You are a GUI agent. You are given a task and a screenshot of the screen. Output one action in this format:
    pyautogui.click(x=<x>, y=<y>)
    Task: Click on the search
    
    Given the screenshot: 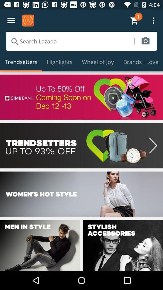 What is the action you would take?
    pyautogui.click(x=70, y=41)
    